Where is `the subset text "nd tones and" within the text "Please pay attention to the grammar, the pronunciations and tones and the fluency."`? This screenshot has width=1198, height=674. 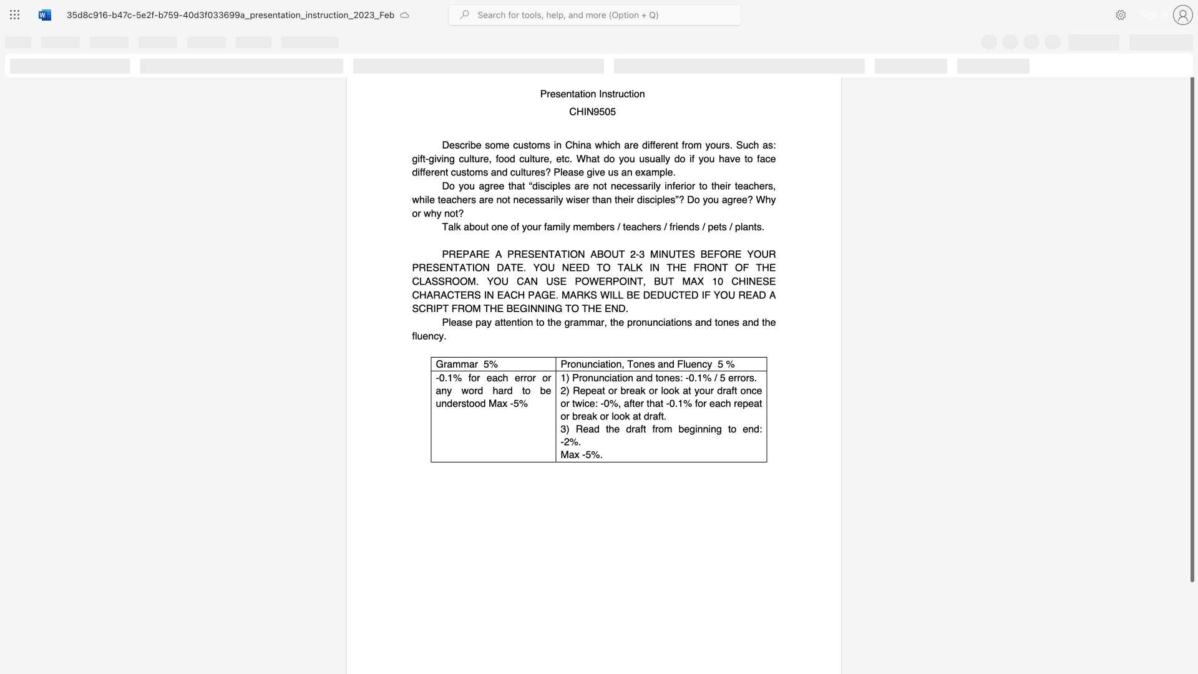
the subset text "nd tones and" within the text "Please pay attention to the grammar, the pronunciations and tones and the fluency." is located at coordinates (701, 321).